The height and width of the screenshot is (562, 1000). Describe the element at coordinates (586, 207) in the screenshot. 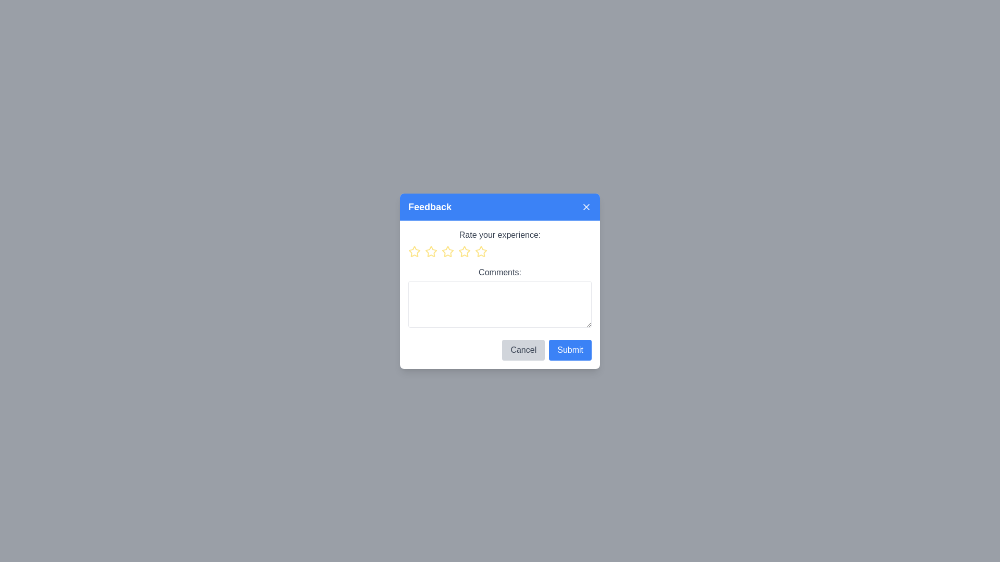

I see `the close button located to the right of the text 'Feedback' in the header section of the dialog box` at that location.